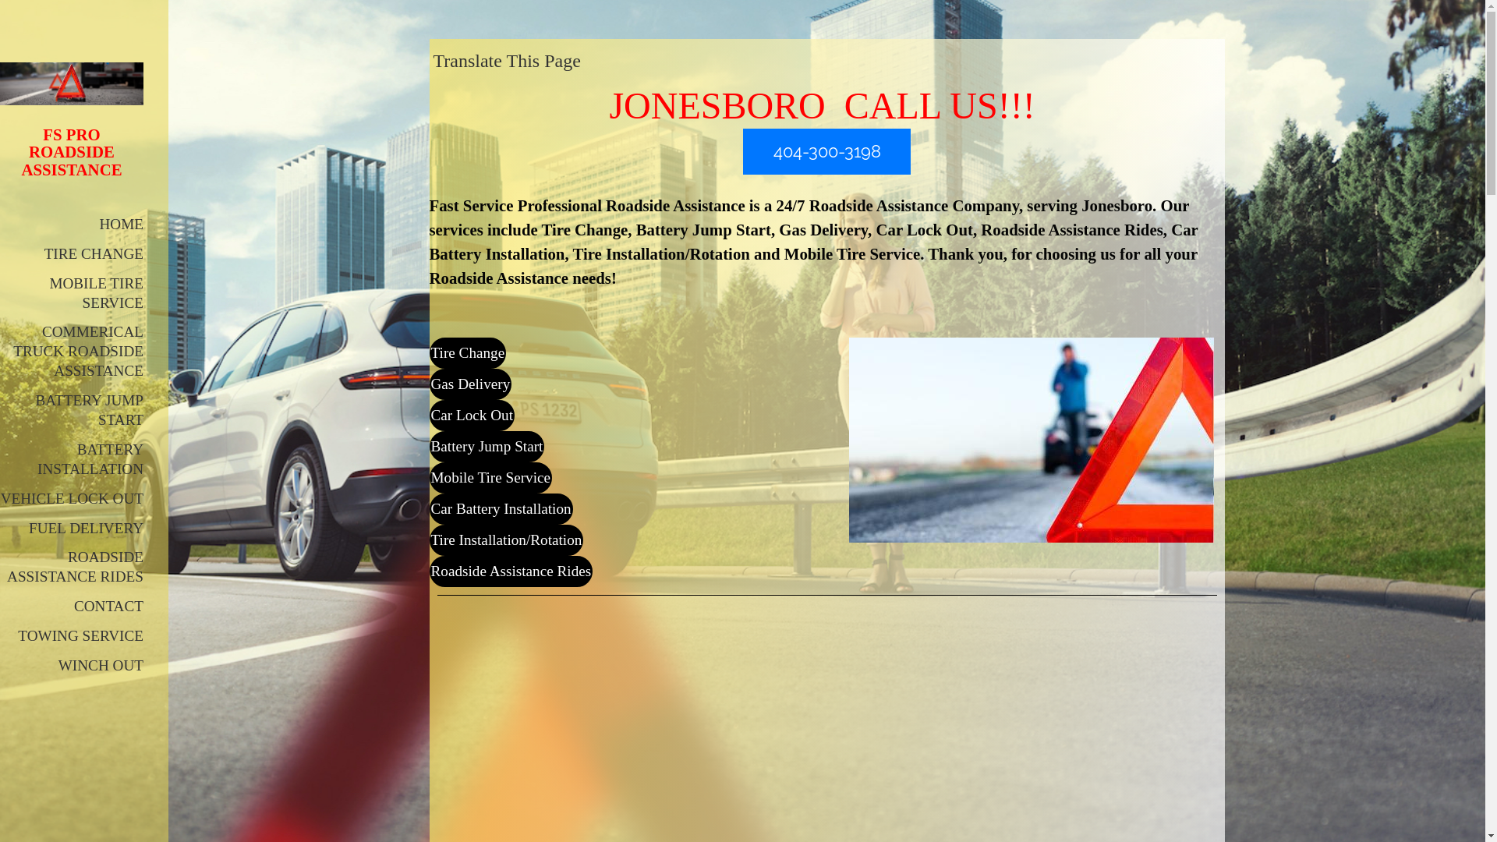  I want to click on 'HOME', so click(121, 224).